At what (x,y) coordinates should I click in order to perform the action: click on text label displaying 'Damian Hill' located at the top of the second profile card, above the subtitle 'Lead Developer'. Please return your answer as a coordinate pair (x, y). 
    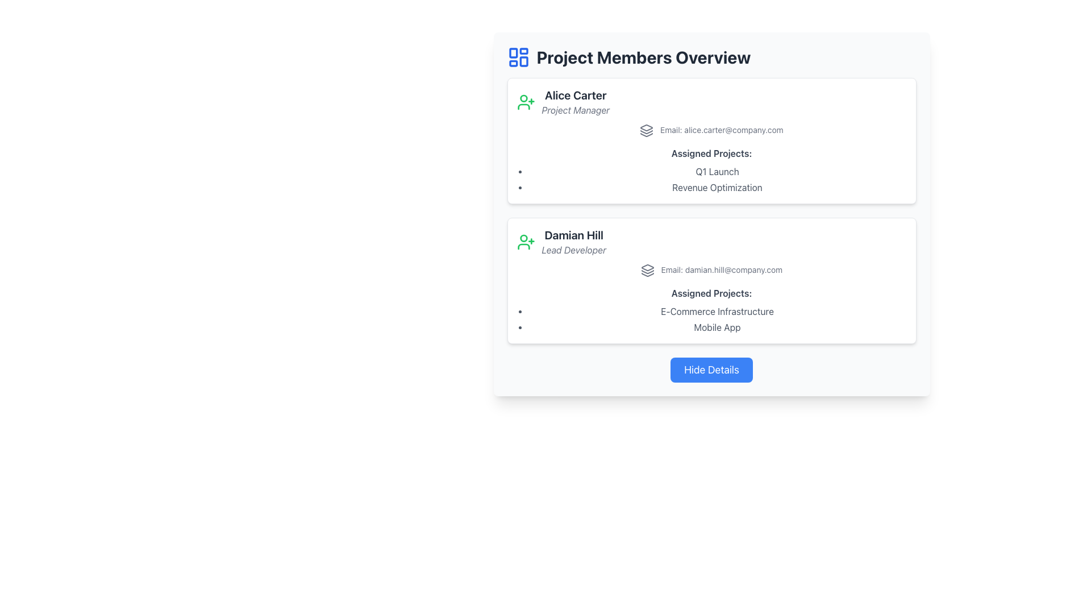
    Looking at the image, I should click on (574, 234).